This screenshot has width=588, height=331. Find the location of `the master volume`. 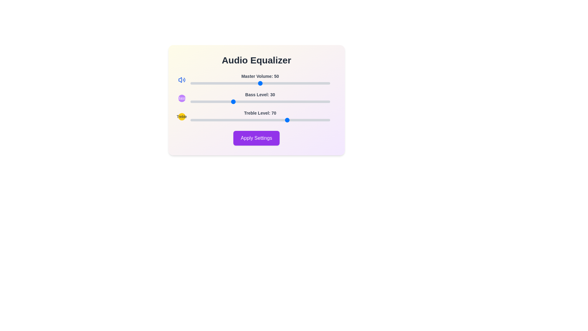

the master volume is located at coordinates (200, 83).